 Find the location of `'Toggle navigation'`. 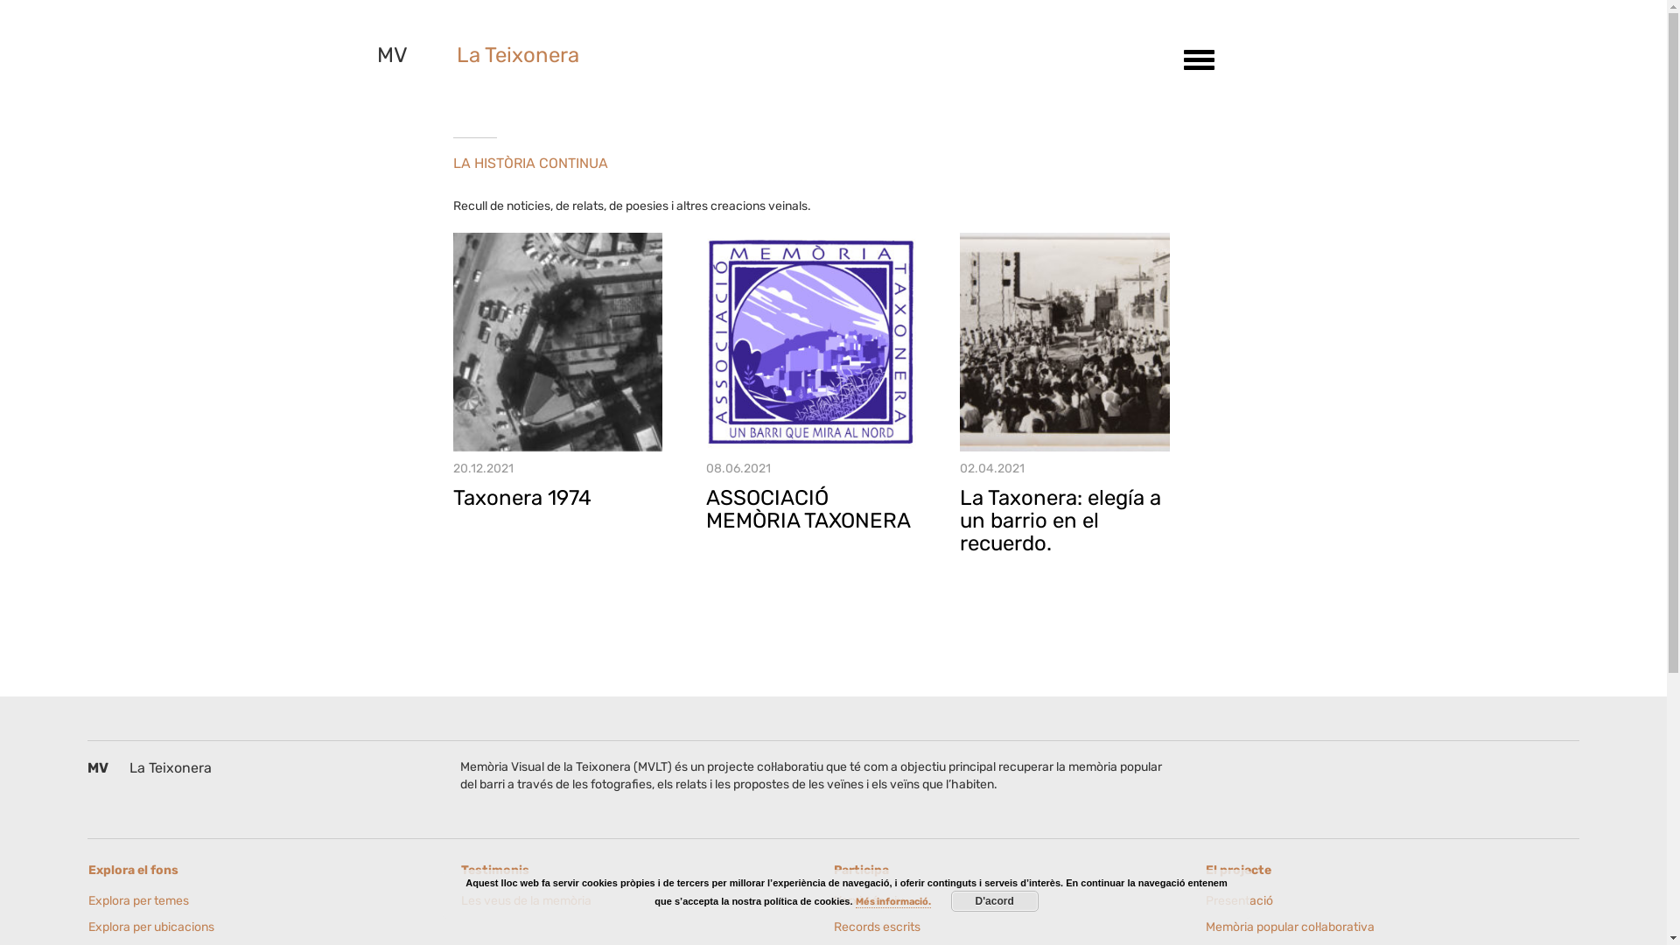

'Toggle navigation' is located at coordinates (1174, 59).